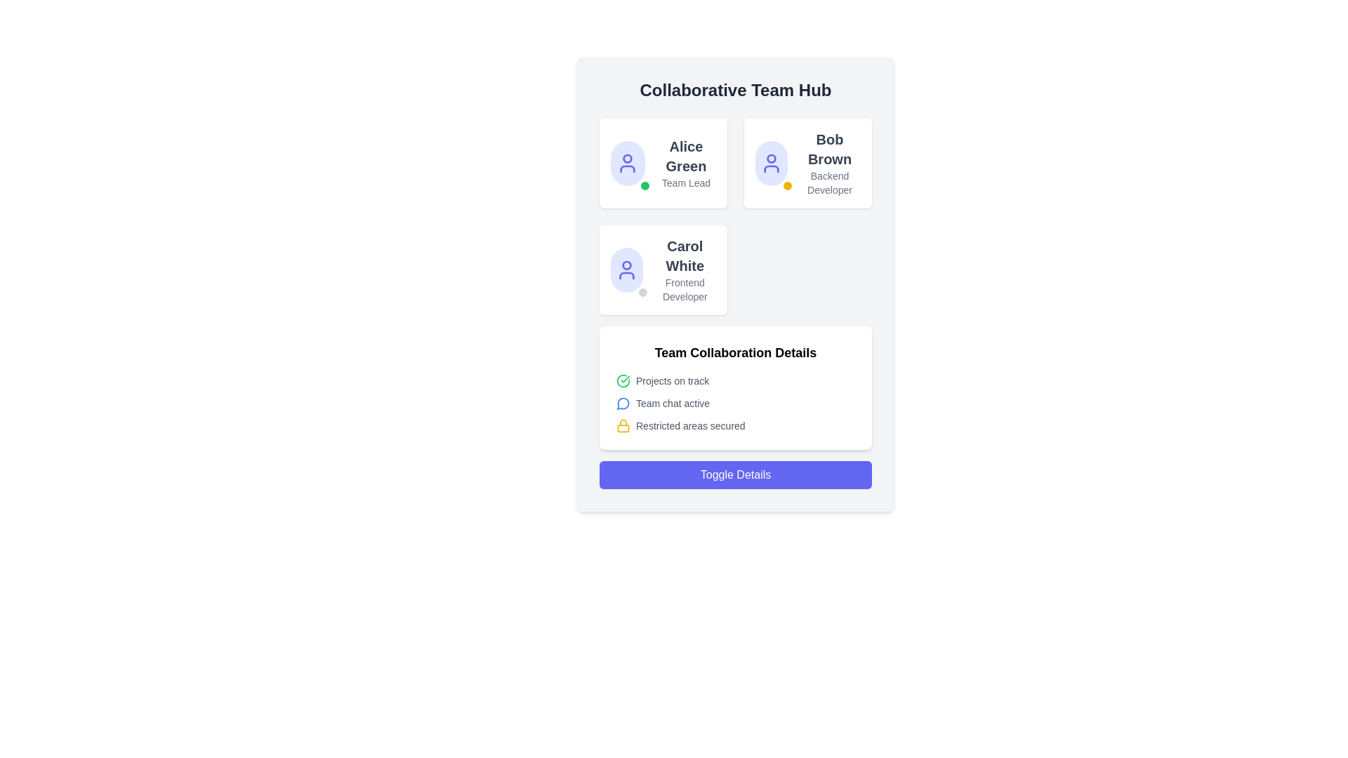 This screenshot has height=758, width=1348. I want to click on the user profile icon that features a circular shape with a blue color, located at the top-left section of the user interface for 'Alice Green', so click(627, 162).